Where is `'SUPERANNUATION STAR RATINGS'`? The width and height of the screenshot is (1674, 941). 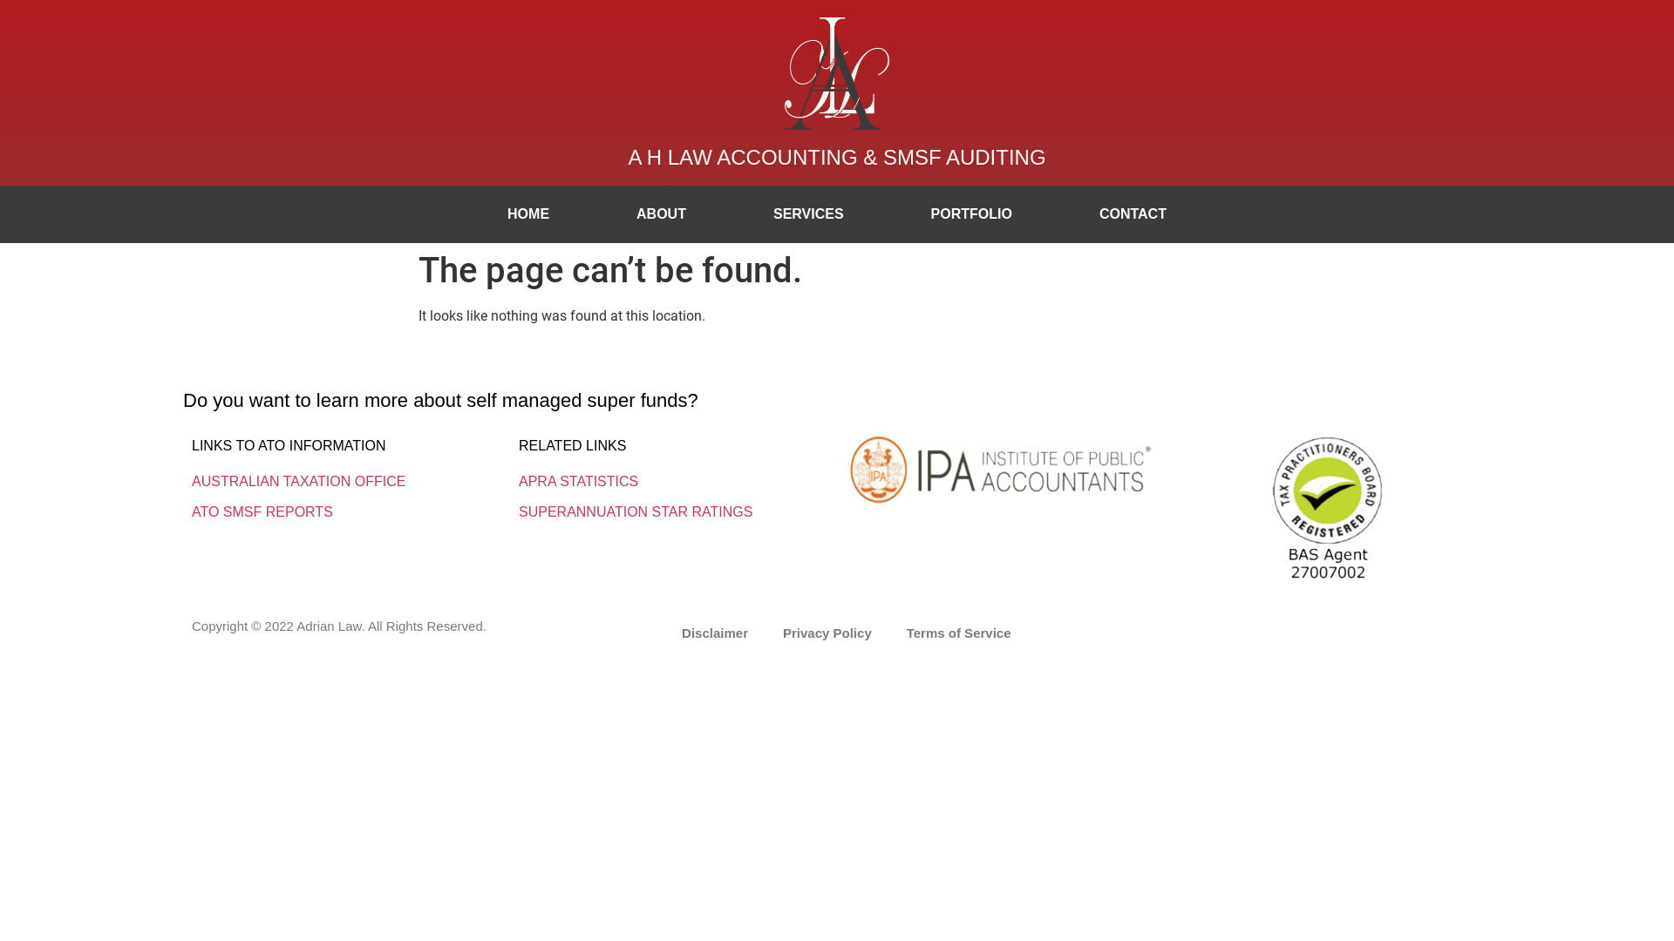
'SUPERANNUATION STAR RATINGS' is located at coordinates (635, 511).